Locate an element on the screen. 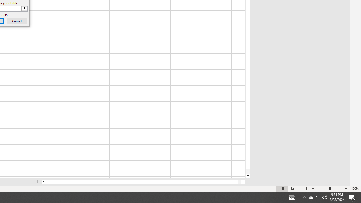 Image resolution: width=361 pixels, height=203 pixels. 'Zoom Out' is located at coordinates (322, 189).